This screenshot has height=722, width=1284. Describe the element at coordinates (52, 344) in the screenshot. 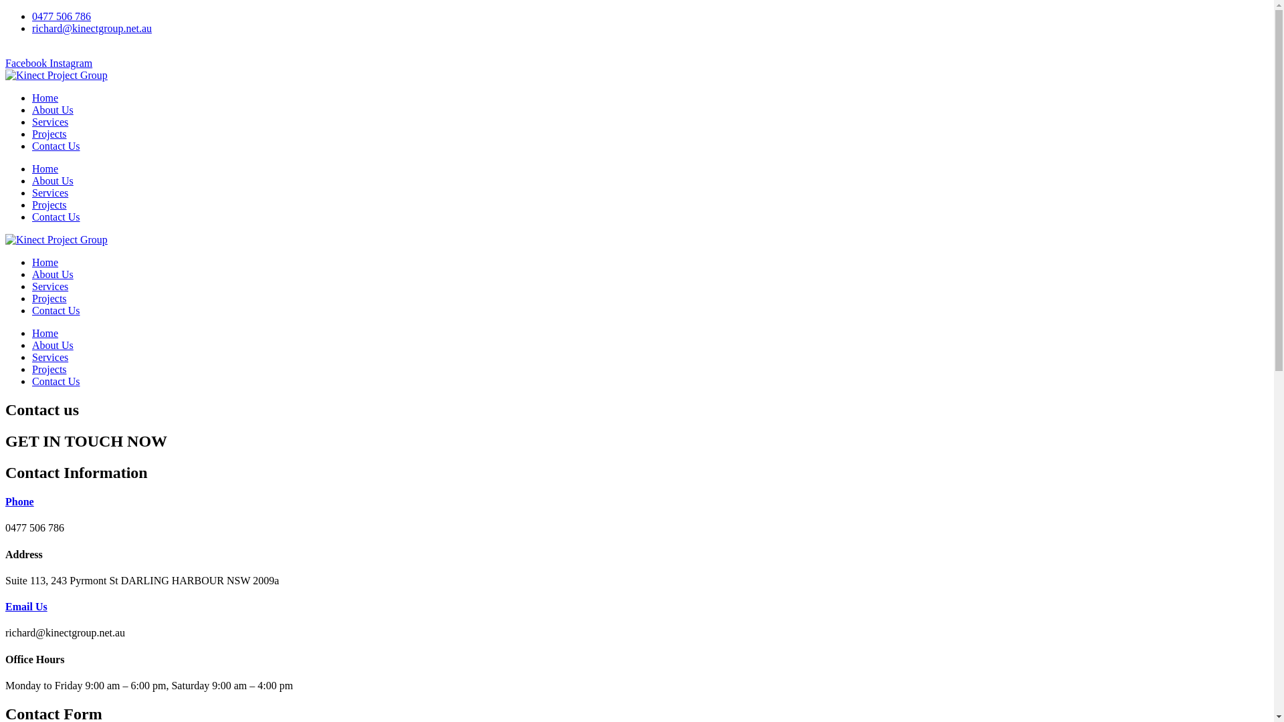

I see `'About Us'` at that location.